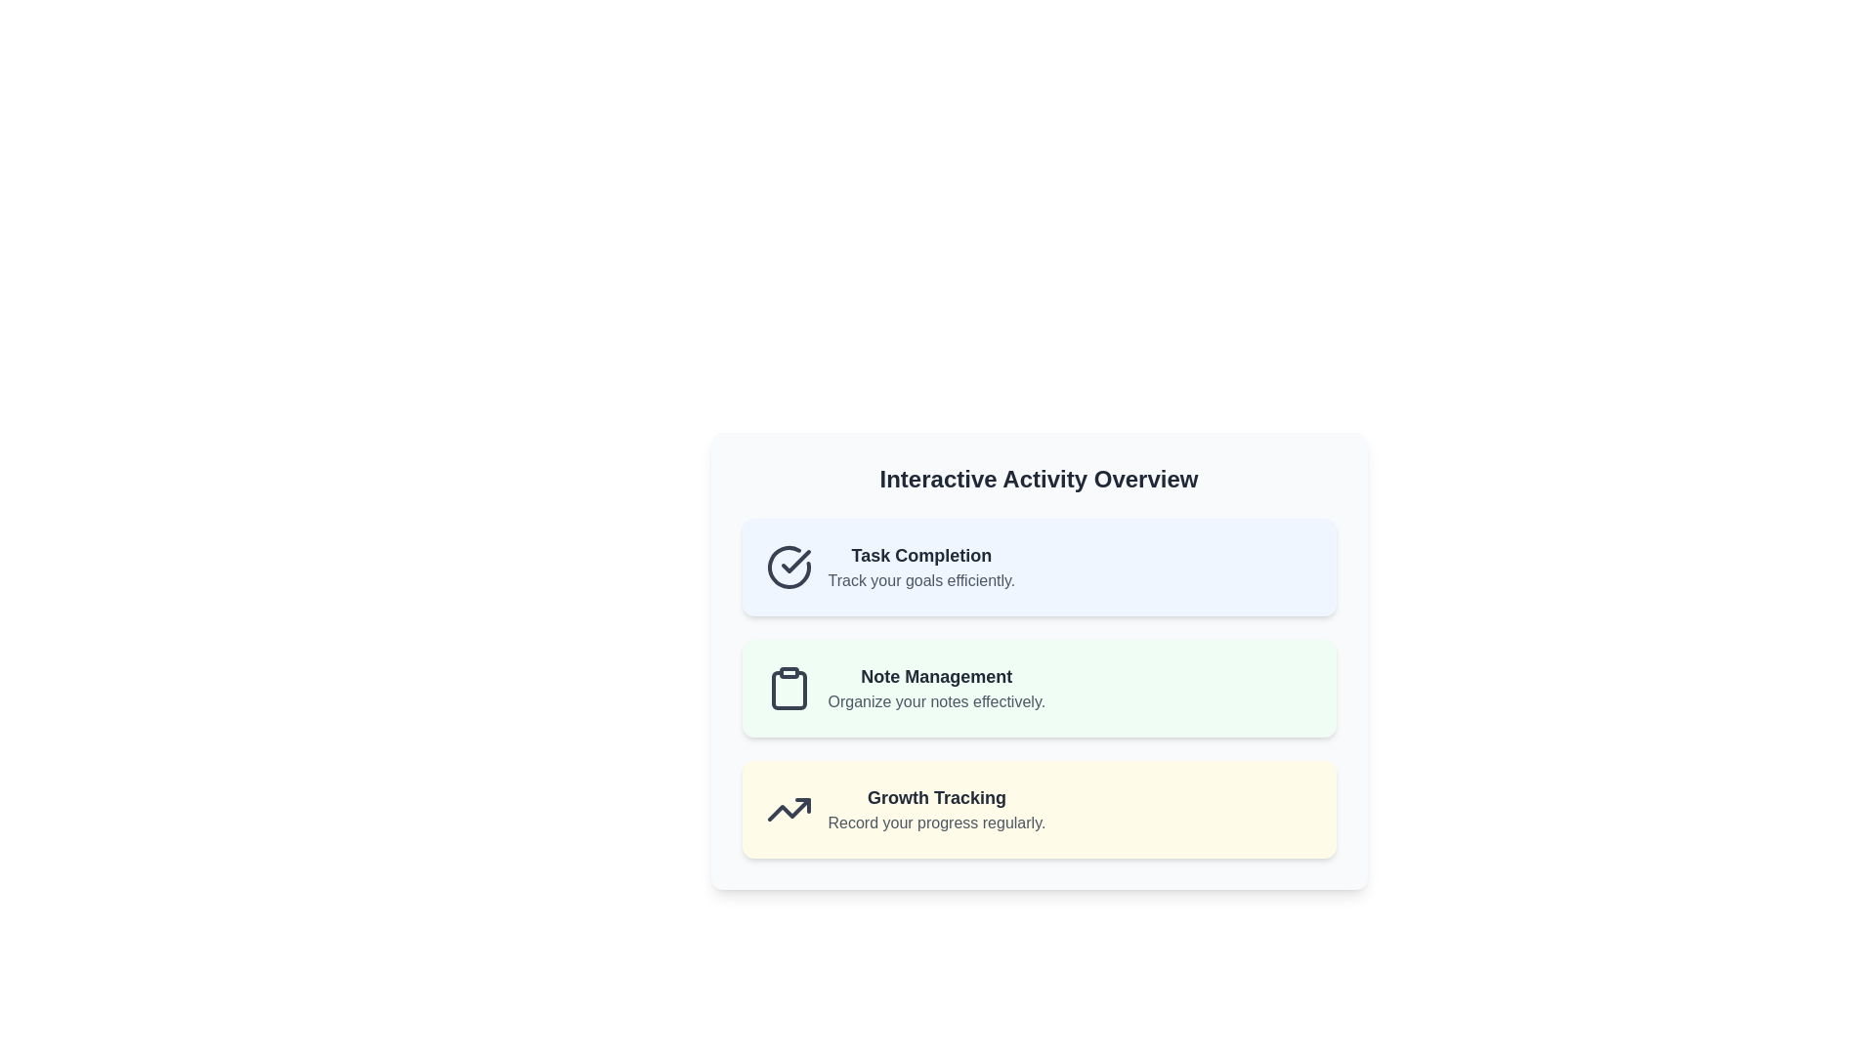  Describe the element at coordinates (920, 568) in the screenshot. I see `the text block that displays 'Task Completion' and 'Track your goals efficiently', located on a light blue background within the topmost card of the 'Interactive Activity Overview' section` at that location.